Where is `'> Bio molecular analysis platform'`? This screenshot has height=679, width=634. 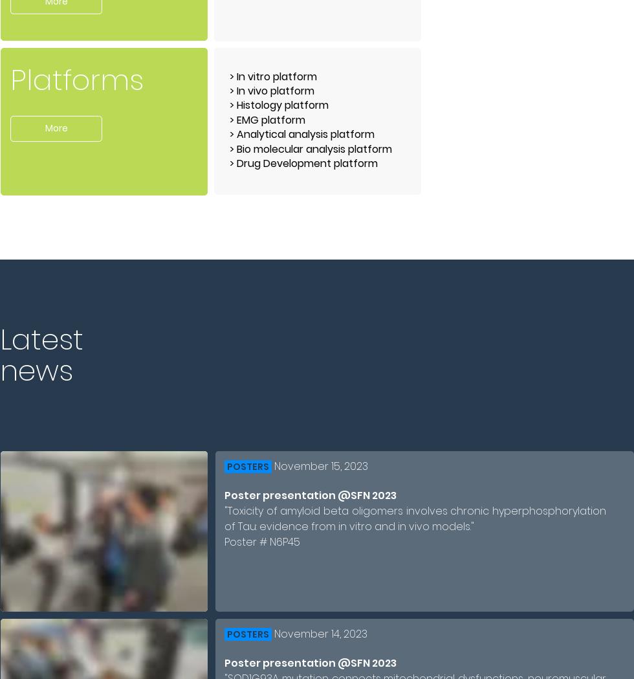 '> Bio molecular analysis platform' is located at coordinates (311, 148).